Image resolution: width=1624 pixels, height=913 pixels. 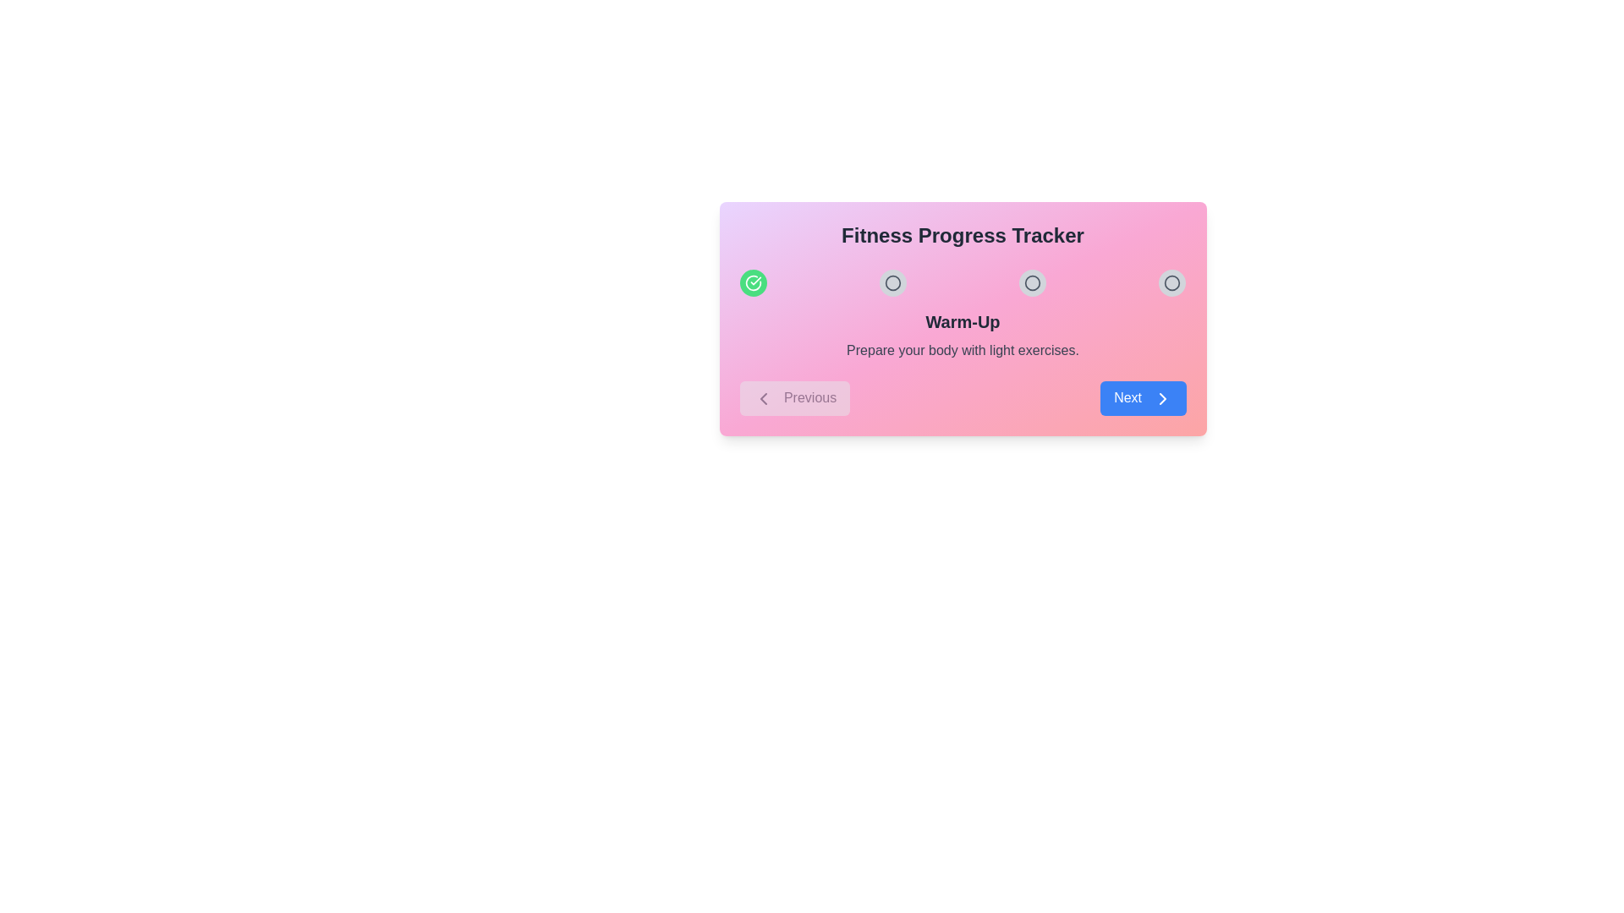 I want to click on the compact circular icon with a white checkmark on a light green background, located in the left section of the 'Fitness Progress Tracker' interface, so click(x=752, y=282).